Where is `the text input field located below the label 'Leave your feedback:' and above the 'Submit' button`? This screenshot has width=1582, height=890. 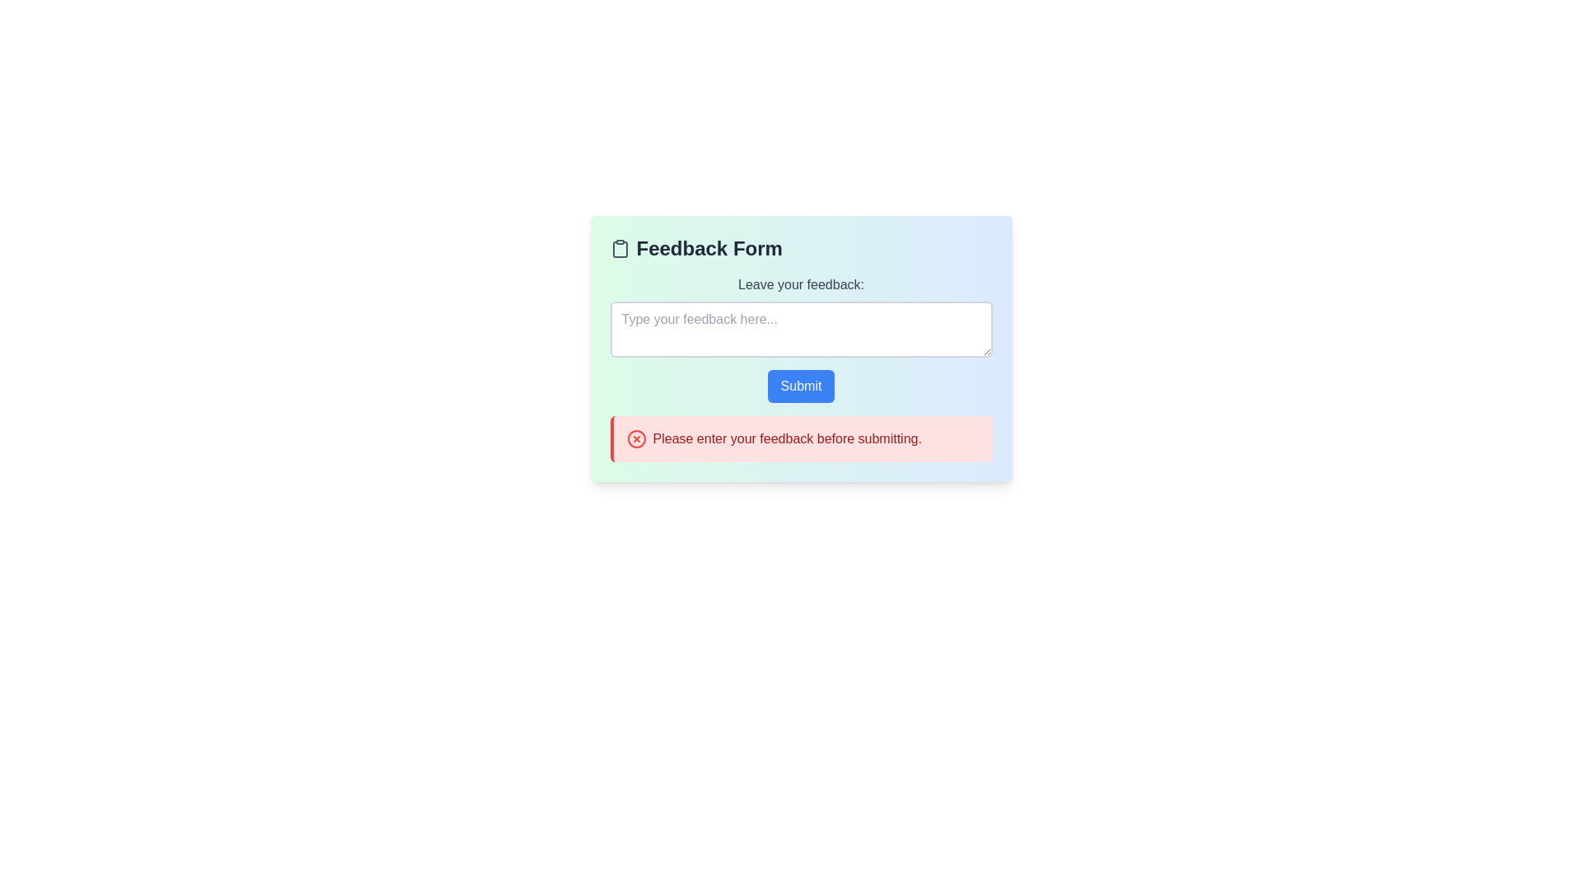
the text input field located below the label 'Leave your feedback:' and above the 'Submit' button is located at coordinates (801, 348).